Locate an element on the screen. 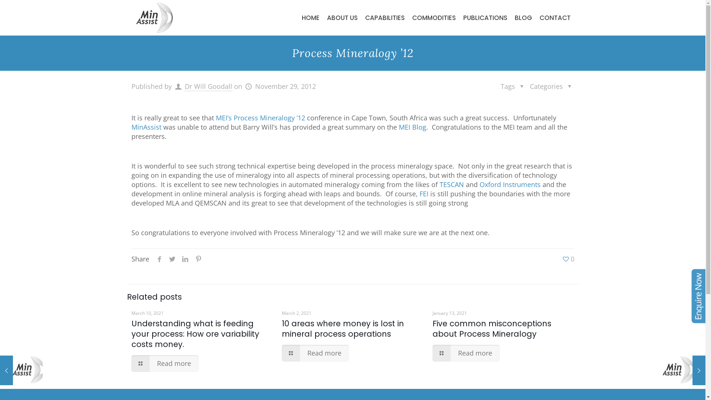  'CAPABILITIES' is located at coordinates (361, 17).